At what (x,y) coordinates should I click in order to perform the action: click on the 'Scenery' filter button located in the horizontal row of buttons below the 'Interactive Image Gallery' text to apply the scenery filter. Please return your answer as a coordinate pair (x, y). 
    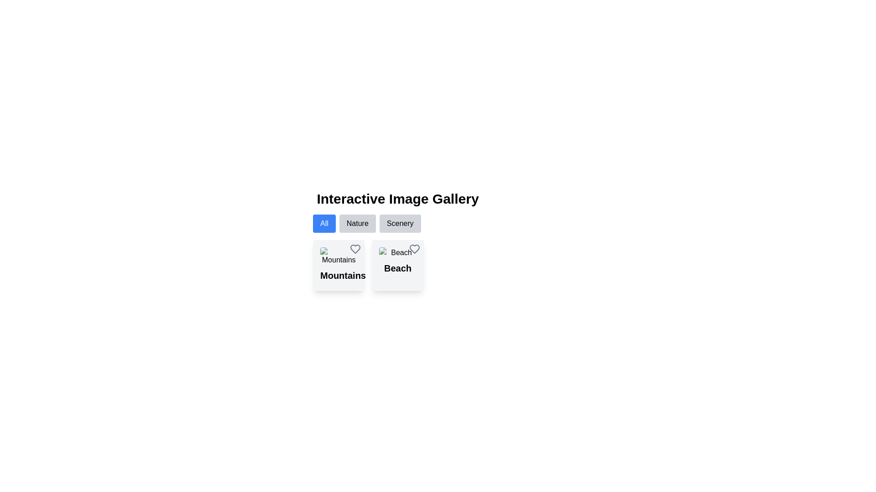
    Looking at the image, I should click on (400, 223).